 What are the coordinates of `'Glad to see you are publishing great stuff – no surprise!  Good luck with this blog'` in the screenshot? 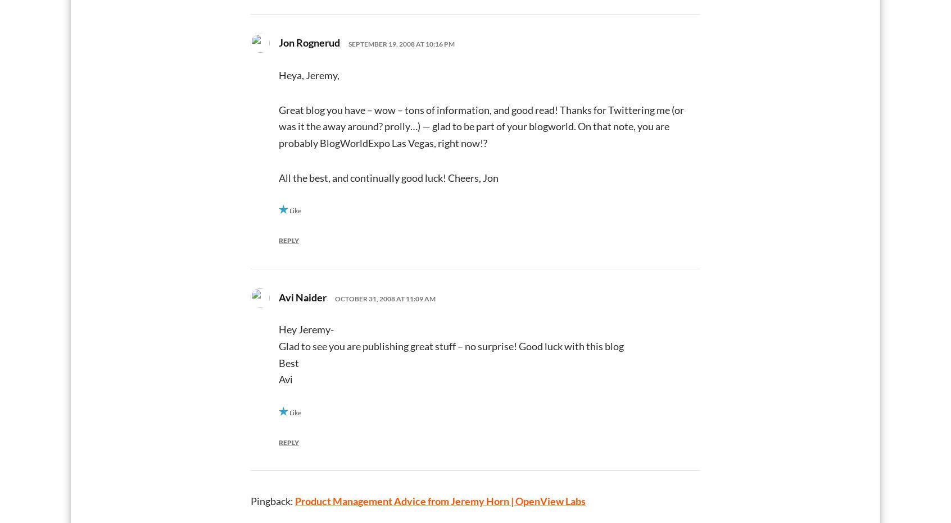 It's located at (451, 345).